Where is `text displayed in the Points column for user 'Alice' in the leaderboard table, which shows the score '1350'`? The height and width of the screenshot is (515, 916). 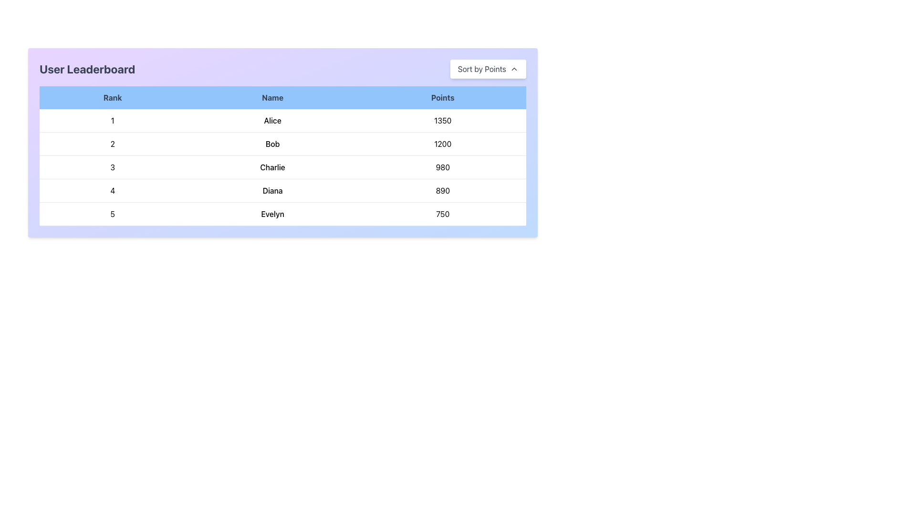 text displayed in the Points column for user 'Alice' in the leaderboard table, which shows the score '1350' is located at coordinates (442, 120).